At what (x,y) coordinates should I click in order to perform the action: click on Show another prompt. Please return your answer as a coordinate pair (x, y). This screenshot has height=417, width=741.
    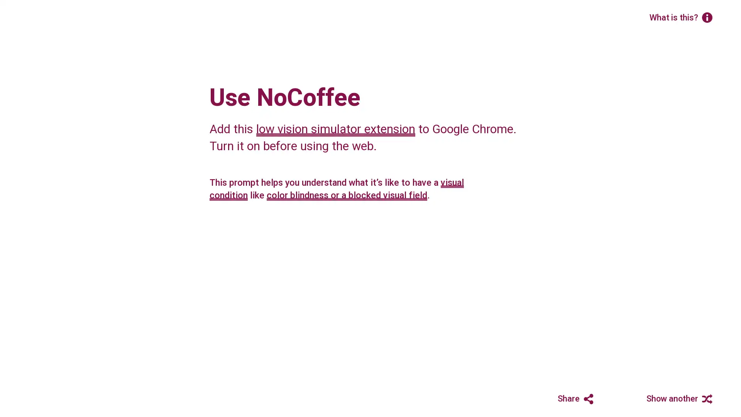
    Looking at the image, I should click on (674, 397).